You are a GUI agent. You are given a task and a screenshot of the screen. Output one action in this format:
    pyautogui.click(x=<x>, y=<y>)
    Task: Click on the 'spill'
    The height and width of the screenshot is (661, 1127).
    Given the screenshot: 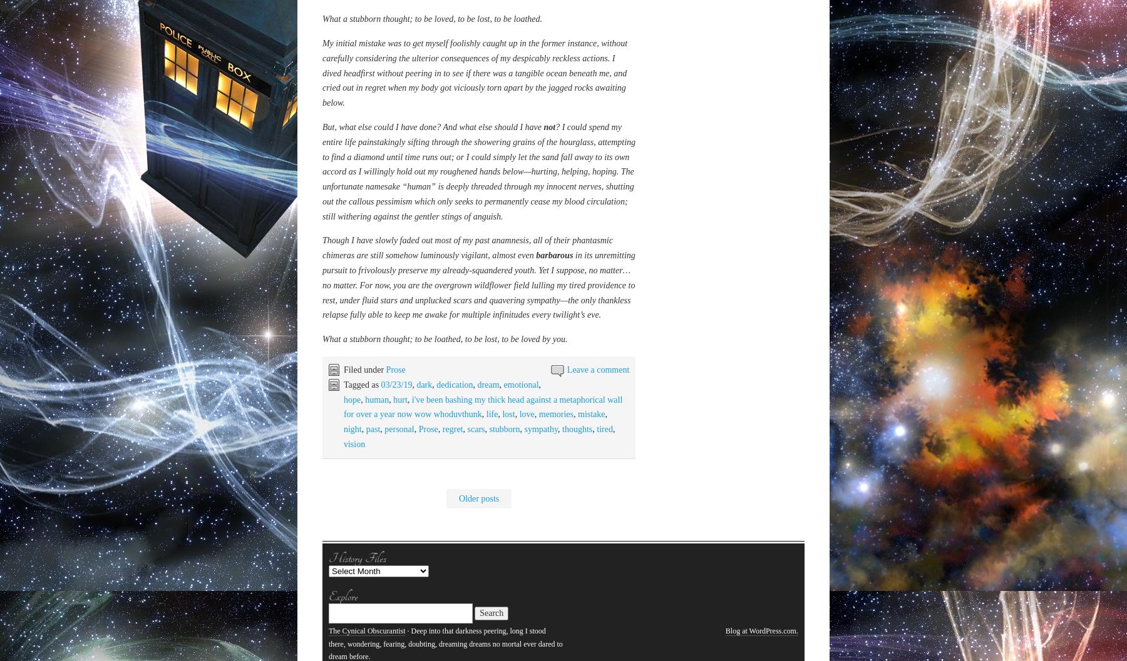 What is the action you would take?
    pyautogui.click(x=350, y=309)
    